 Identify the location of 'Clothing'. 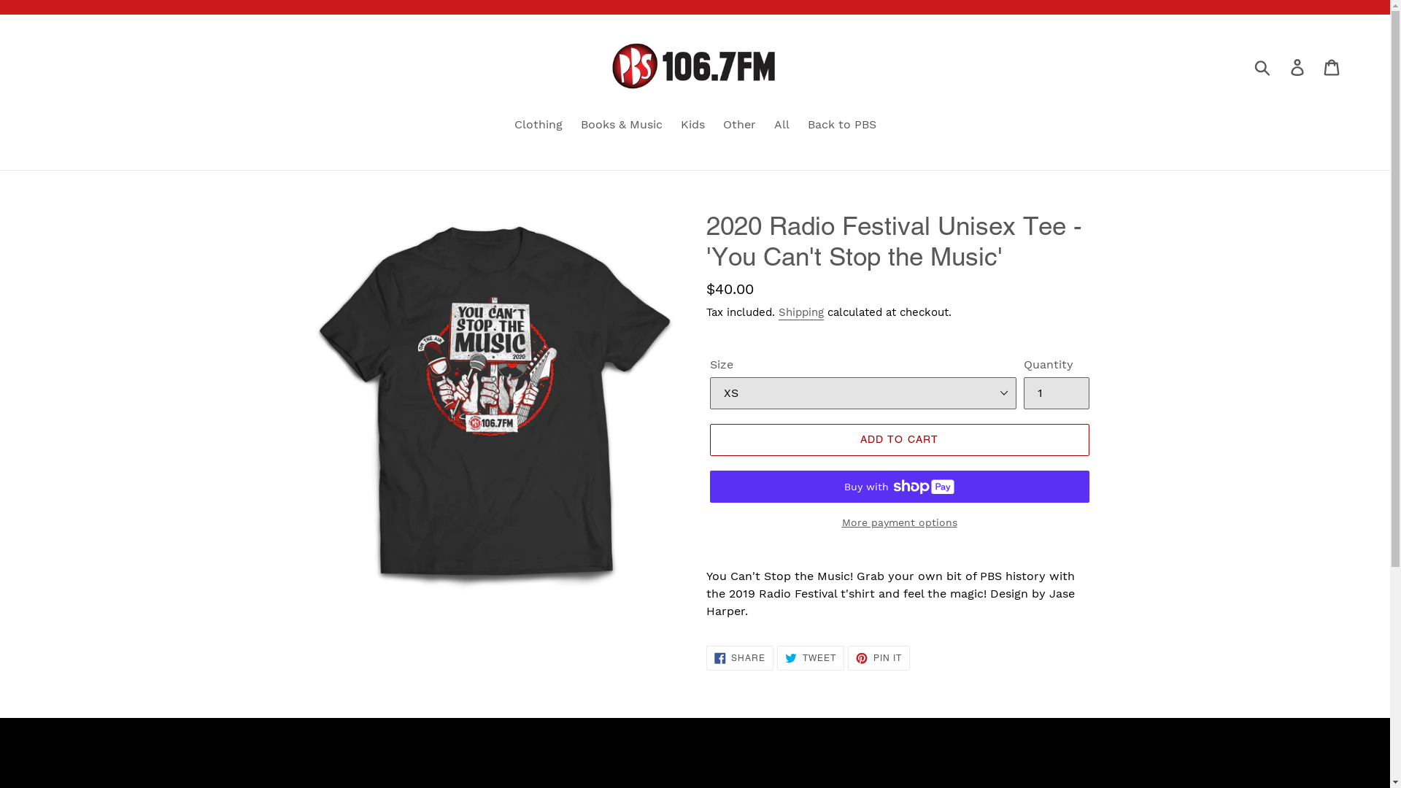
(537, 125).